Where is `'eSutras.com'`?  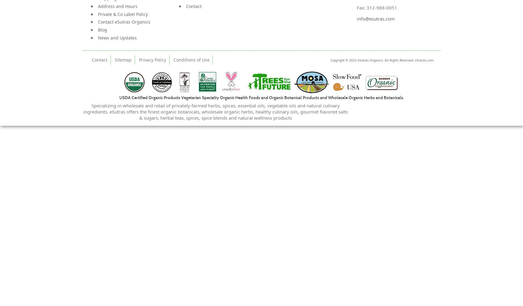
'eSutras.com' is located at coordinates (424, 60).